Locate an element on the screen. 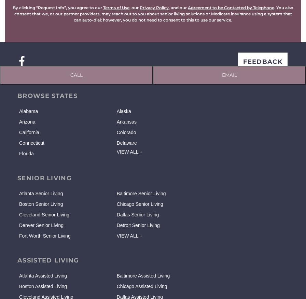 This screenshot has height=299, width=306. 'Privacy Policy' is located at coordinates (140, 7).